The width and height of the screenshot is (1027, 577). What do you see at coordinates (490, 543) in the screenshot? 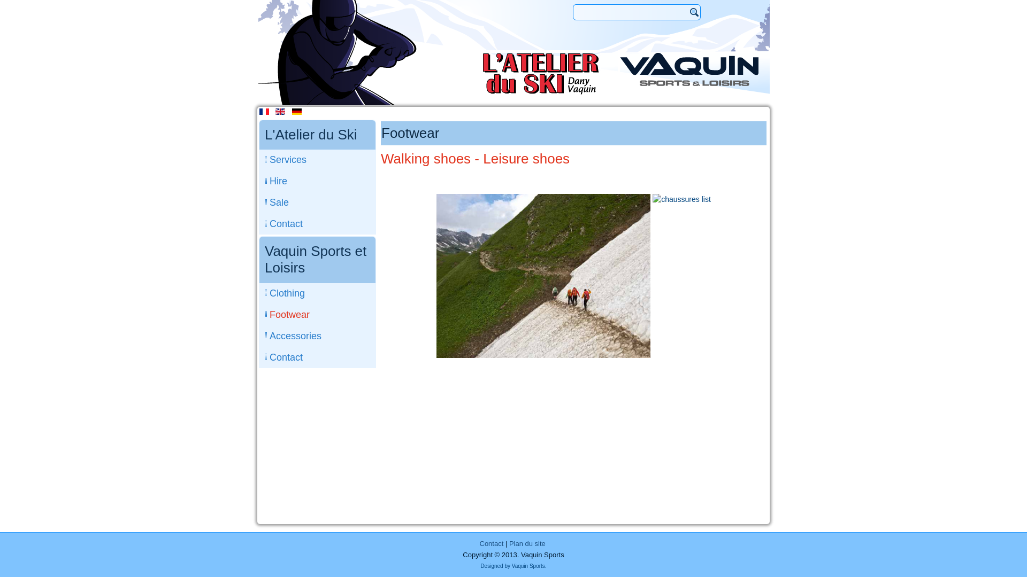
I see `'Contact'` at bounding box center [490, 543].